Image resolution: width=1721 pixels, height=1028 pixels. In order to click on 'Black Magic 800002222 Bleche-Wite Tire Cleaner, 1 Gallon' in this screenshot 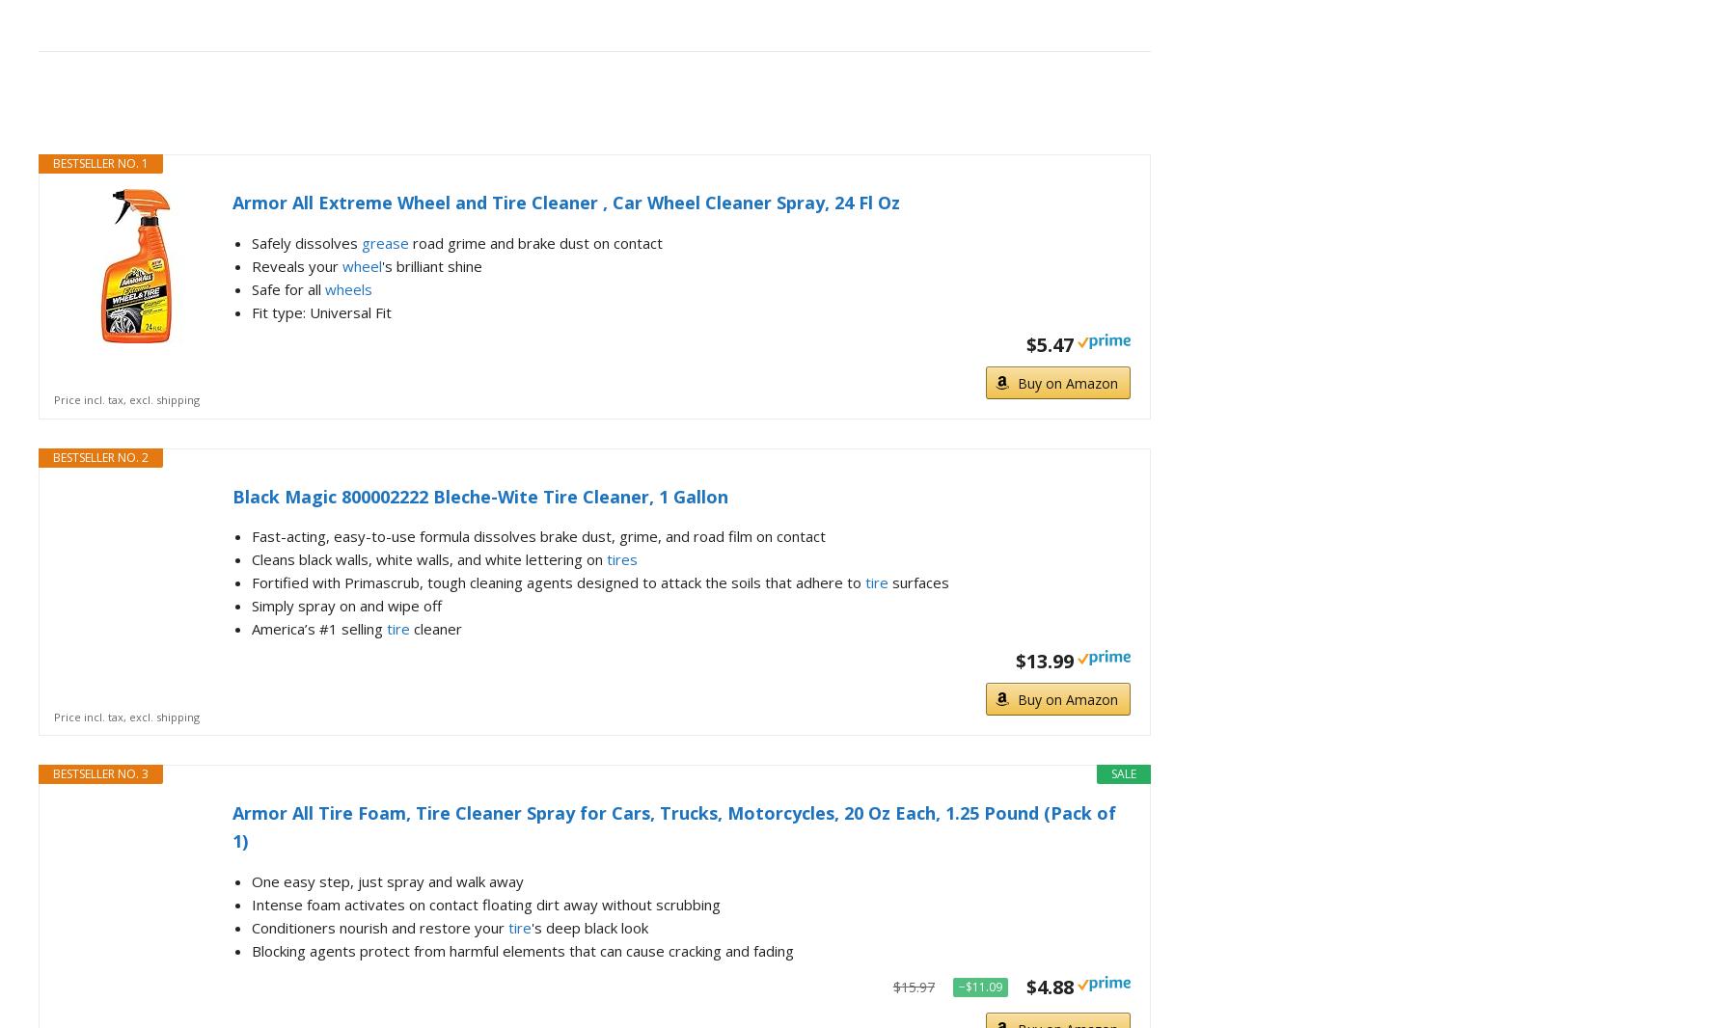, I will do `click(479, 496)`.